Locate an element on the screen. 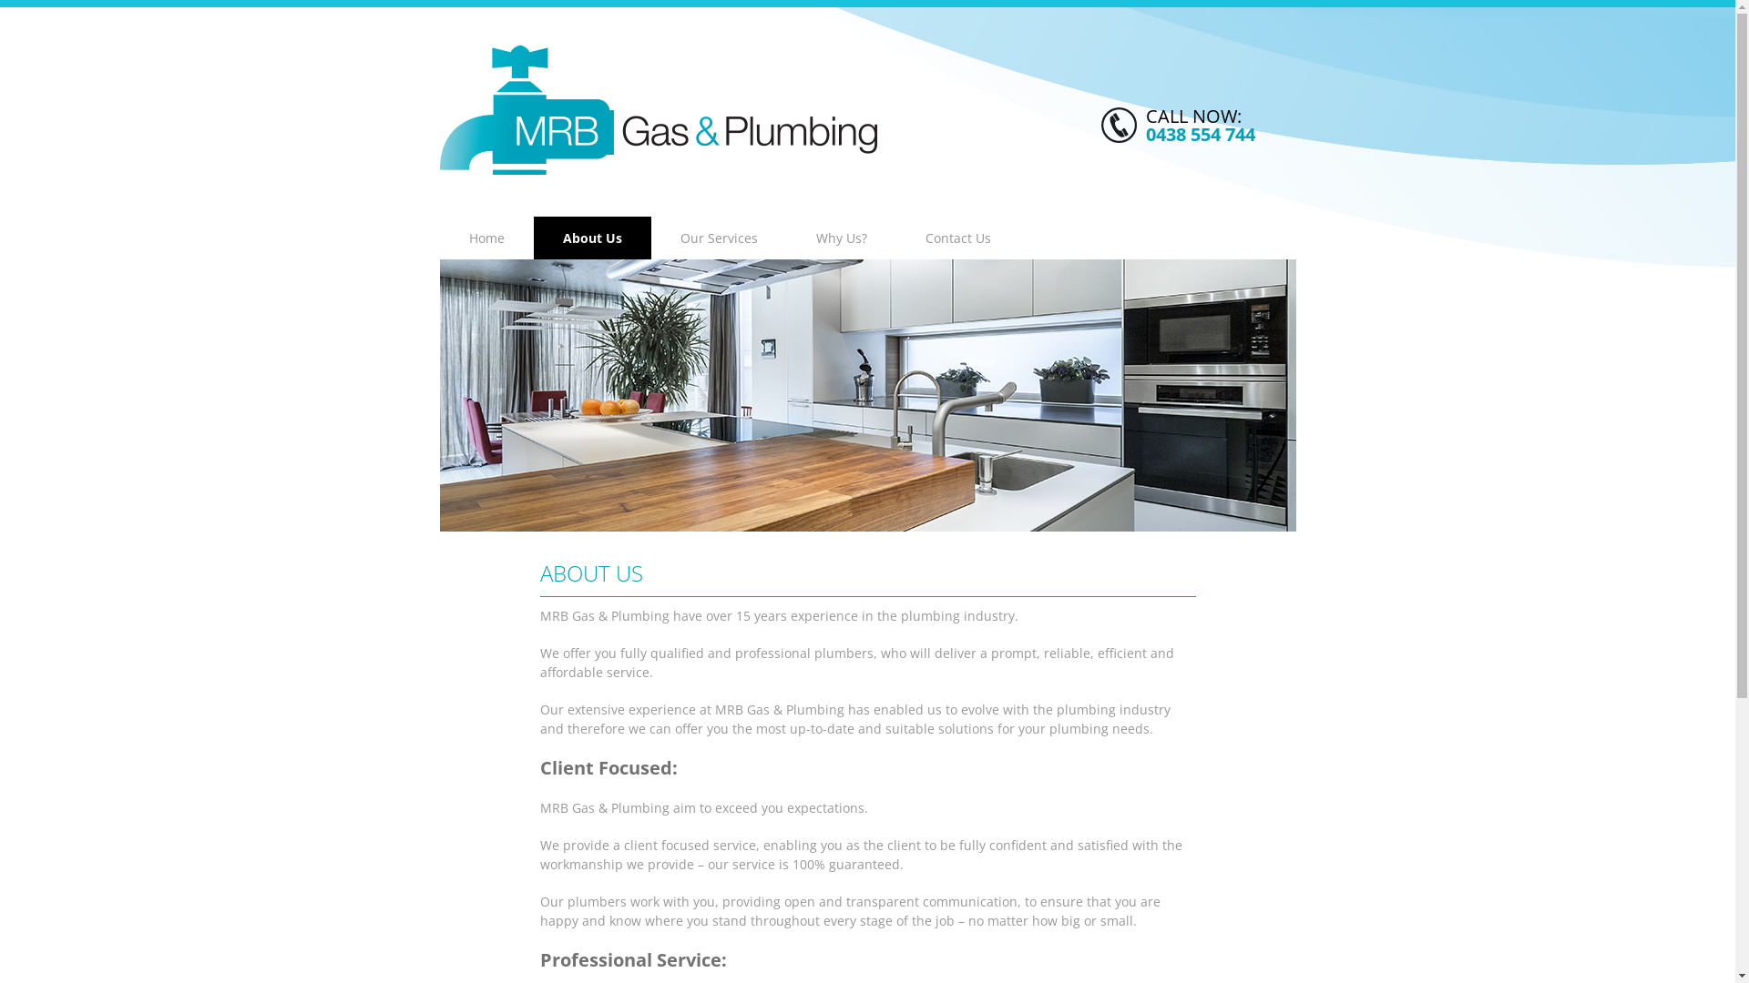 This screenshot has height=983, width=1749. 'Our Services' is located at coordinates (717, 237).